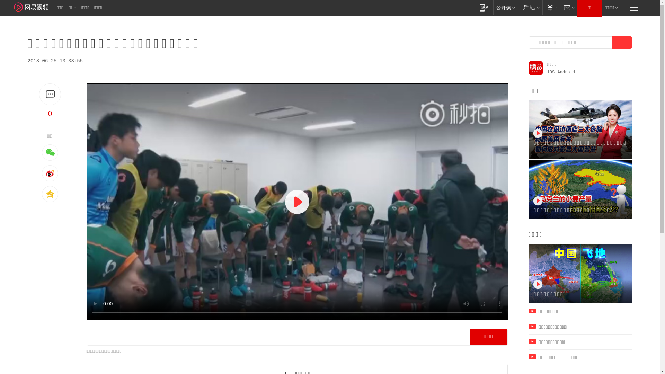 This screenshot has height=374, width=665. I want to click on 'iOS', so click(550, 72).